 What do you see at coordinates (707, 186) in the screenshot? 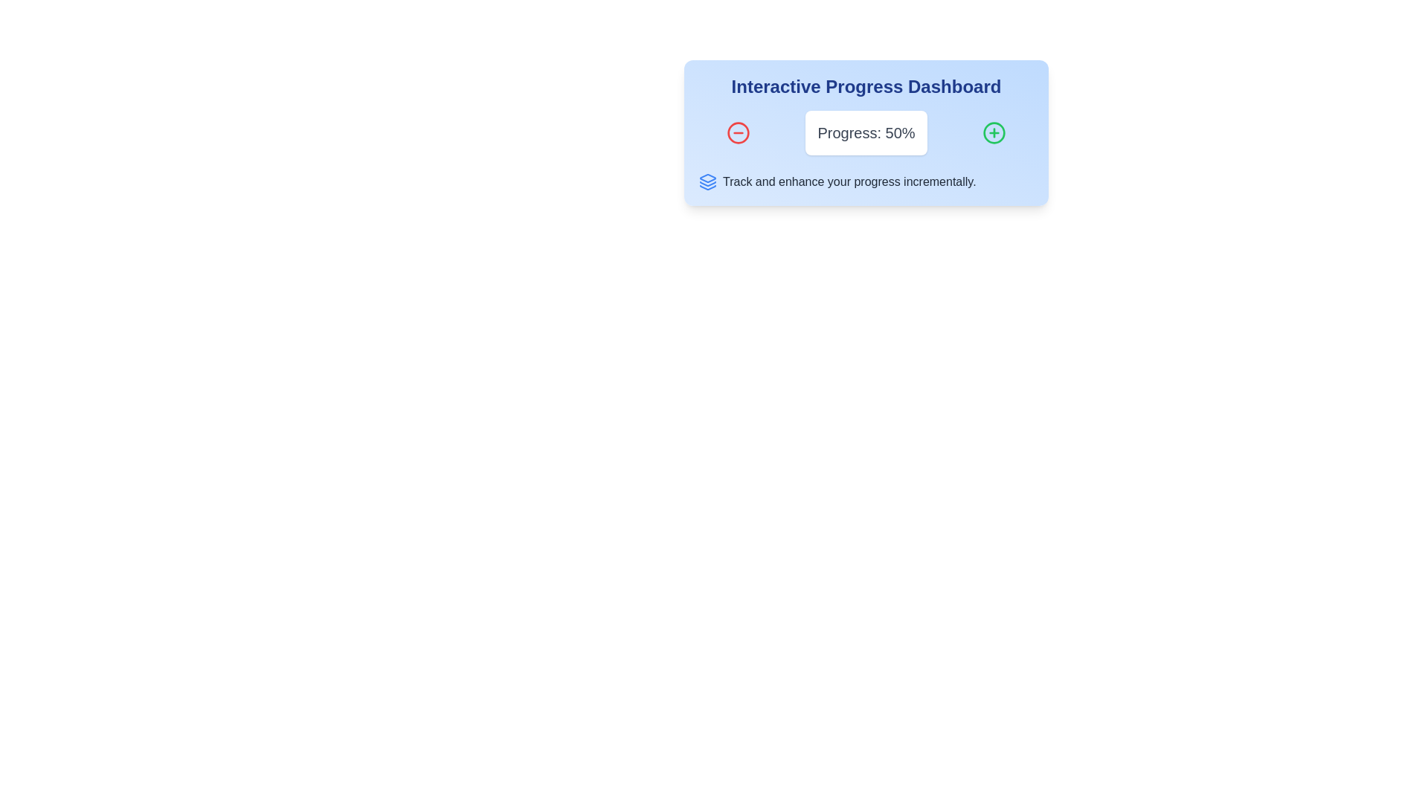
I see `the graphic icon resembling a layer icon with three stacked segments, located within the blue-colored dashboard area of the 'Interactive Progress Dashboard' card` at bounding box center [707, 186].